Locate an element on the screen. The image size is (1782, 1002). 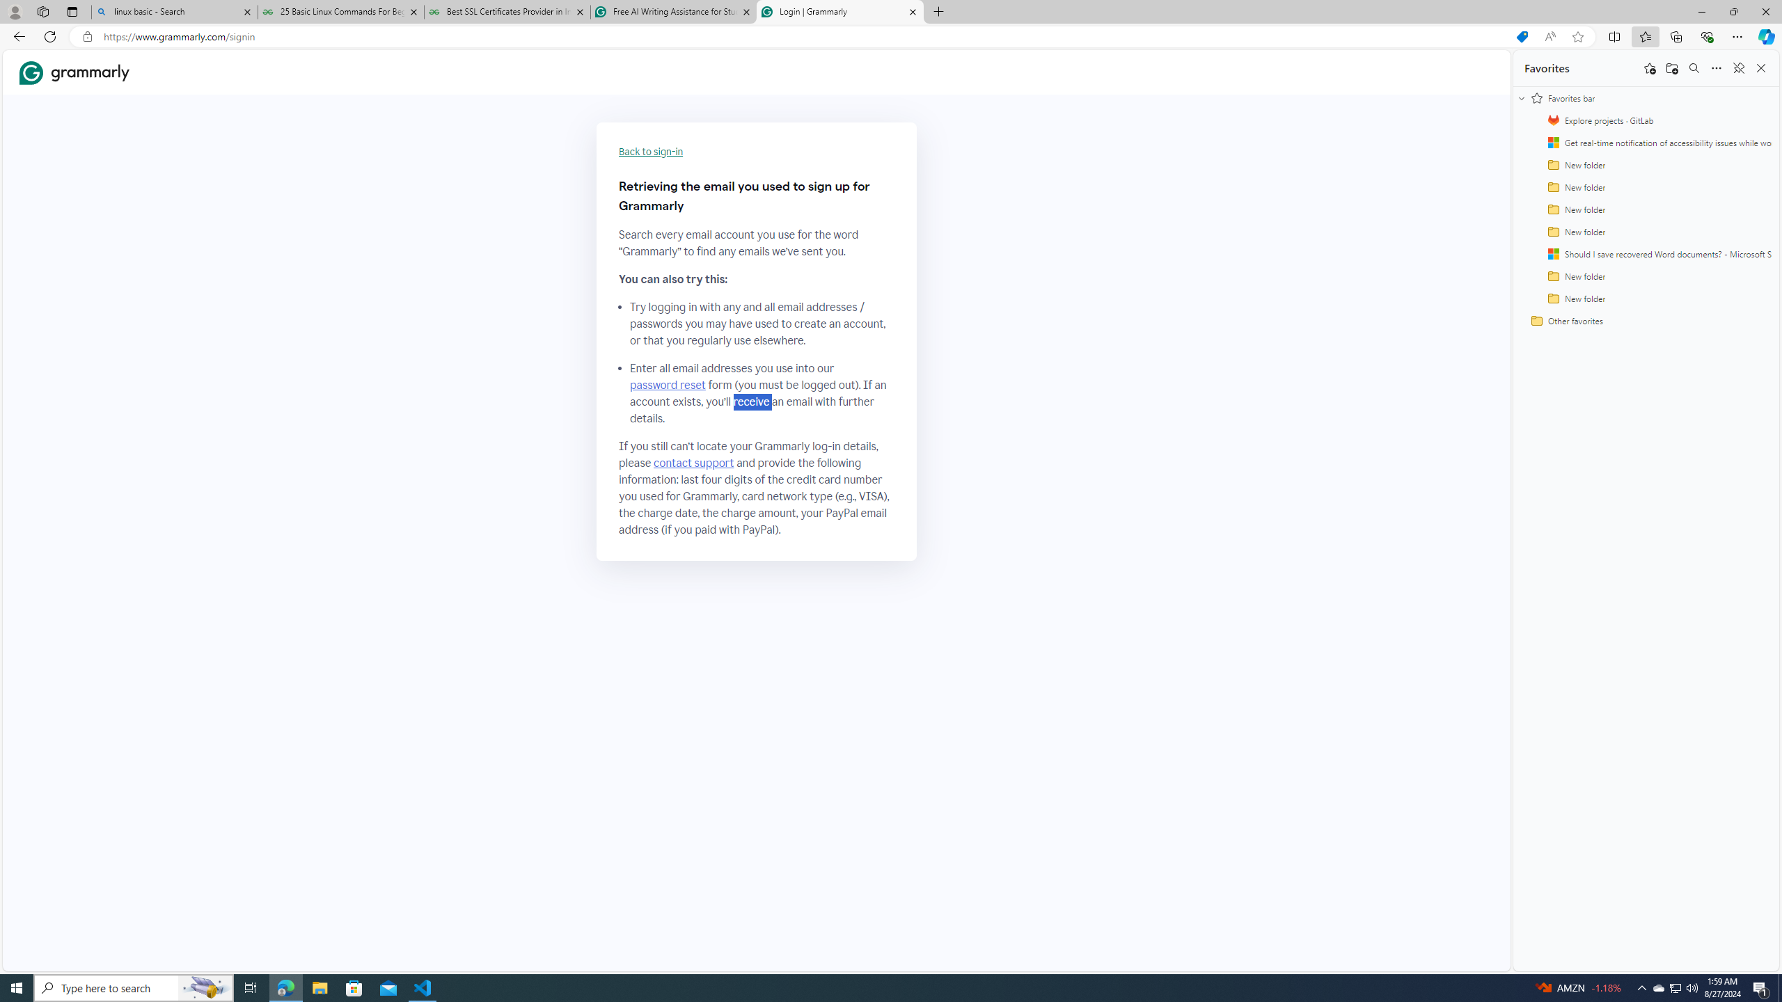
'Login | Grammarly' is located at coordinates (838, 11).